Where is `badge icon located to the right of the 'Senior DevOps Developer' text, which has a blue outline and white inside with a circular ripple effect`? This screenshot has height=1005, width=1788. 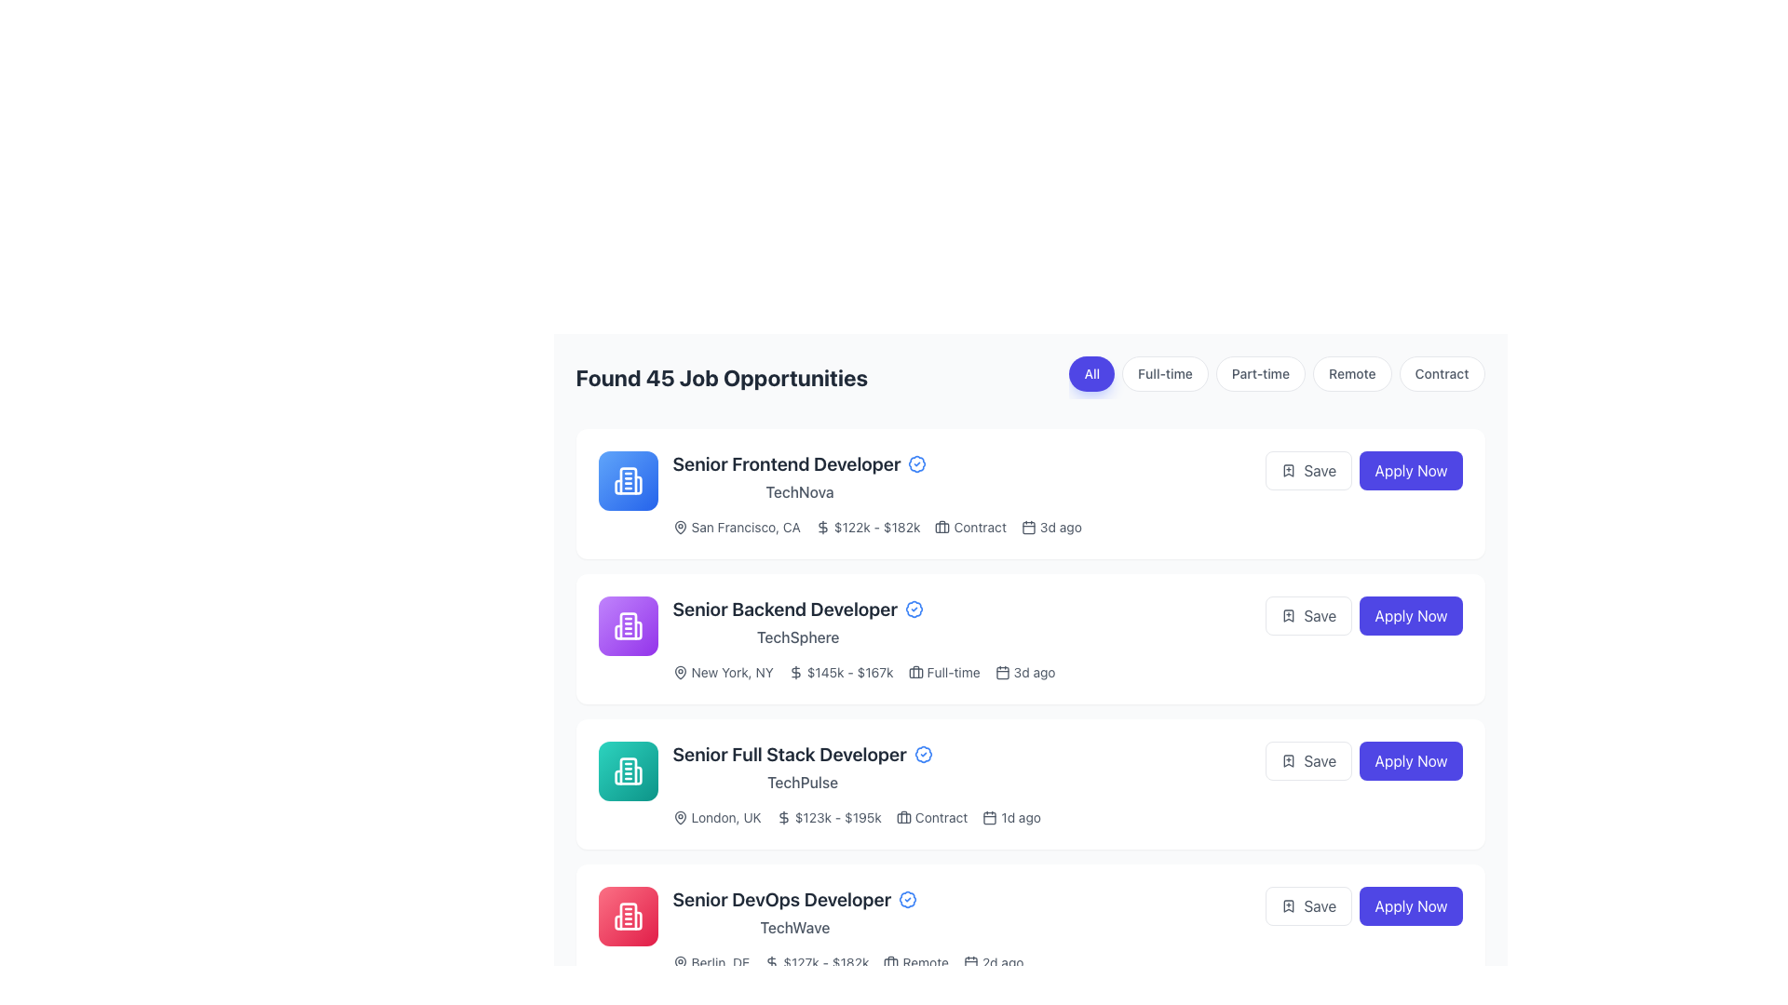 badge icon located to the right of the 'Senior DevOps Developer' text, which has a blue outline and white inside with a circular ripple effect is located at coordinates (908, 899).